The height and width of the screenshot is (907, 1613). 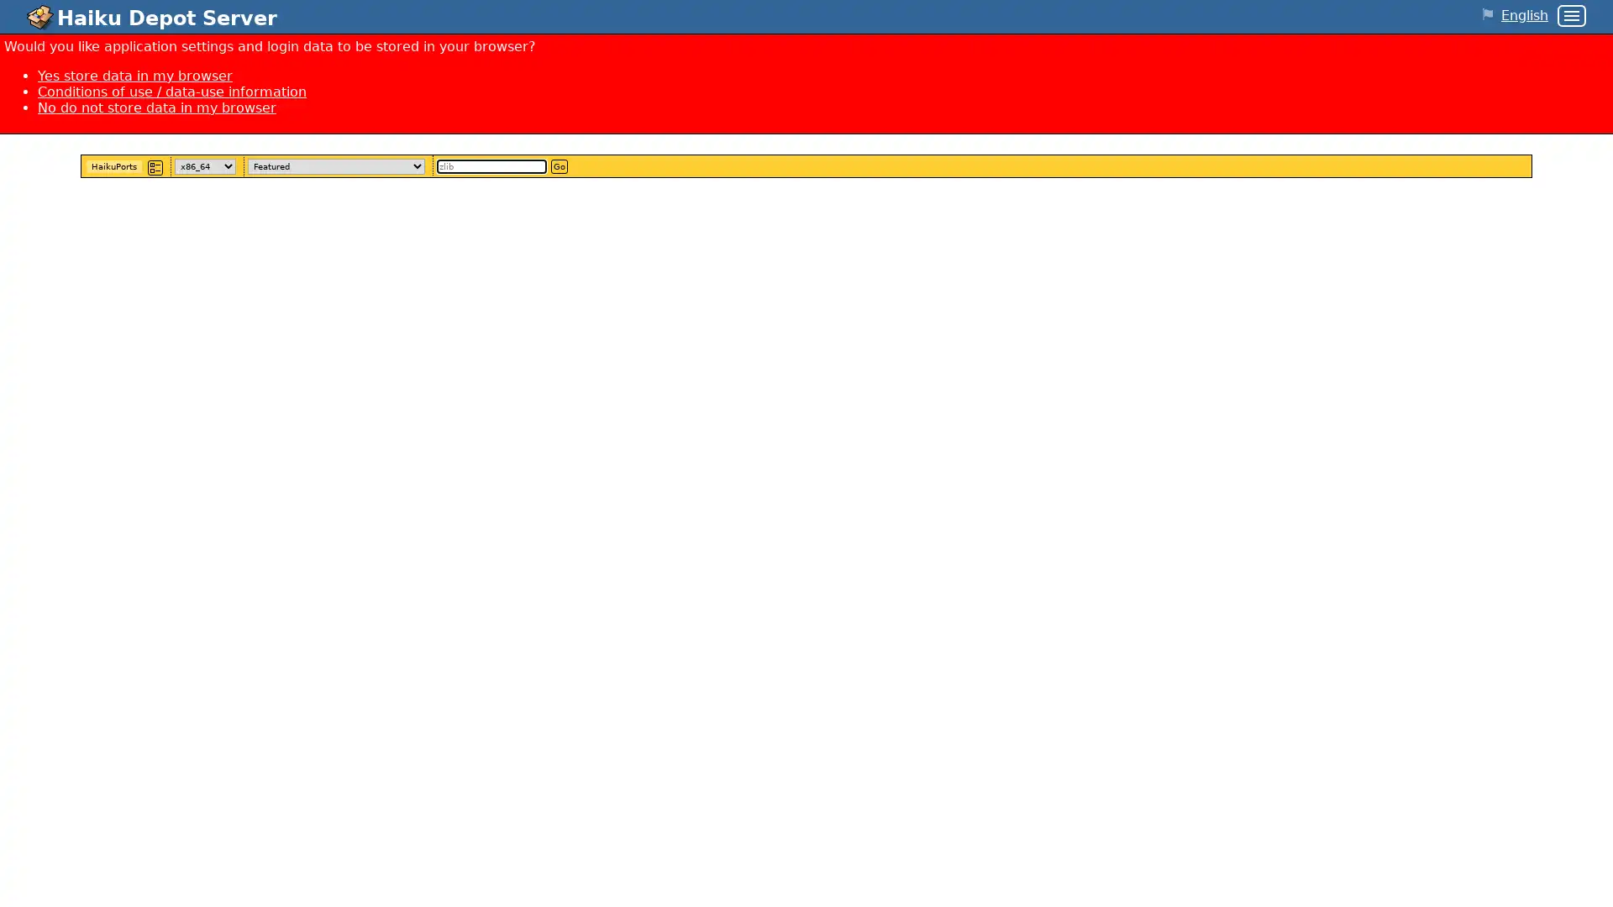 I want to click on Go, so click(x=560, y=166).